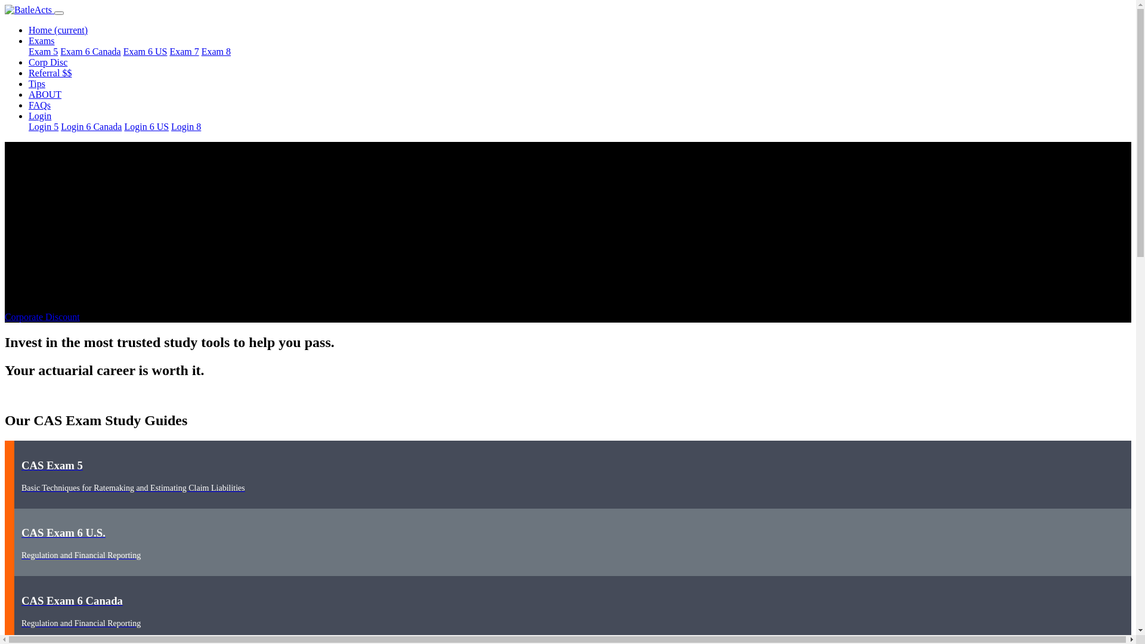  Describe the element at coordinates (145, 51) in the screenshot. I see `'Exam 6 US'` at that location.